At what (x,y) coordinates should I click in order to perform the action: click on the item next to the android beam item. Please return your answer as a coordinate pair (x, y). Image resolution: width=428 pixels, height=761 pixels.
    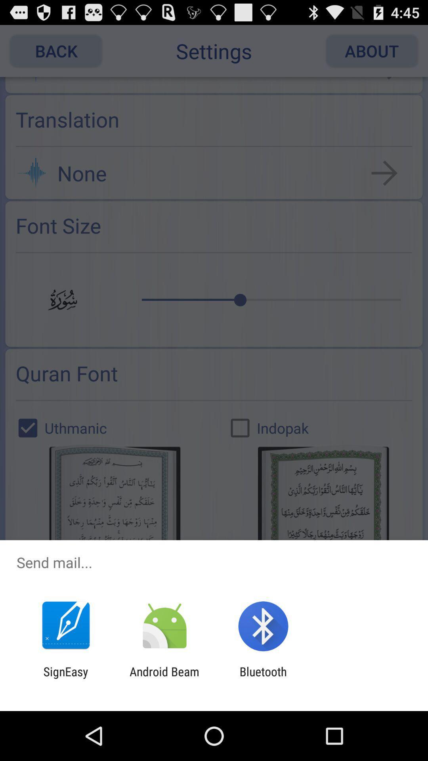
    Looking at the image, I should click on (65, 678).